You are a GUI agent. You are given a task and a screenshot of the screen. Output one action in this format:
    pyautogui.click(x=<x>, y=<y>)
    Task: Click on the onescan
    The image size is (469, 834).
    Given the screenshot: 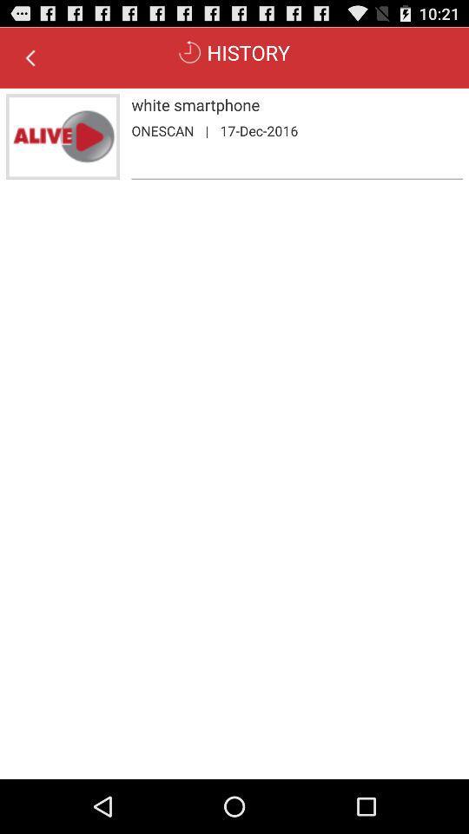 What is the action you would take?
    pyautogui.click(x=162, y=129)
    